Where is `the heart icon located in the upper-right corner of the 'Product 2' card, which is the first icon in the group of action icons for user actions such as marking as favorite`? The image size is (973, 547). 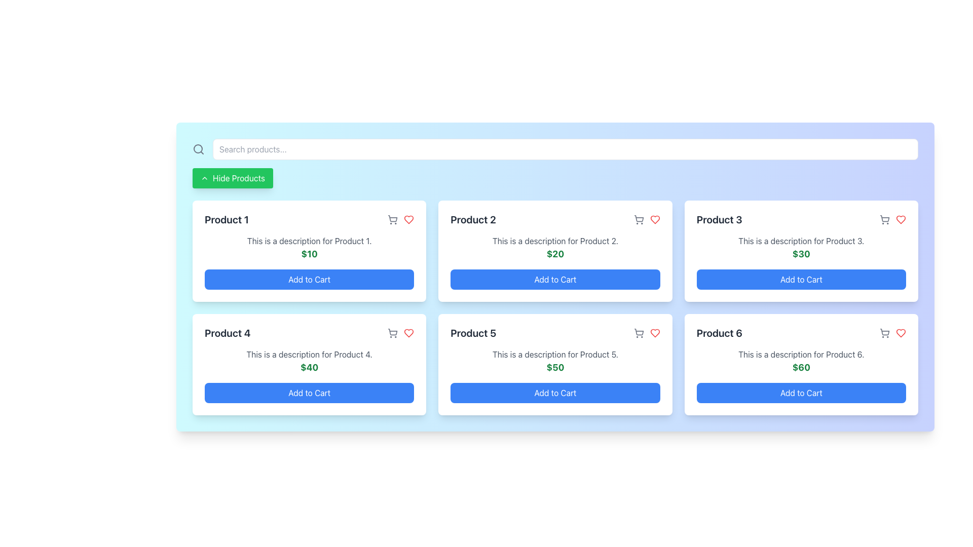
the heart icon located in the upper-right corner of the 'Product 2' card, which is the first icon in the group of action icons for user actions such as marking as favorite is located at coordinates (646, 219).